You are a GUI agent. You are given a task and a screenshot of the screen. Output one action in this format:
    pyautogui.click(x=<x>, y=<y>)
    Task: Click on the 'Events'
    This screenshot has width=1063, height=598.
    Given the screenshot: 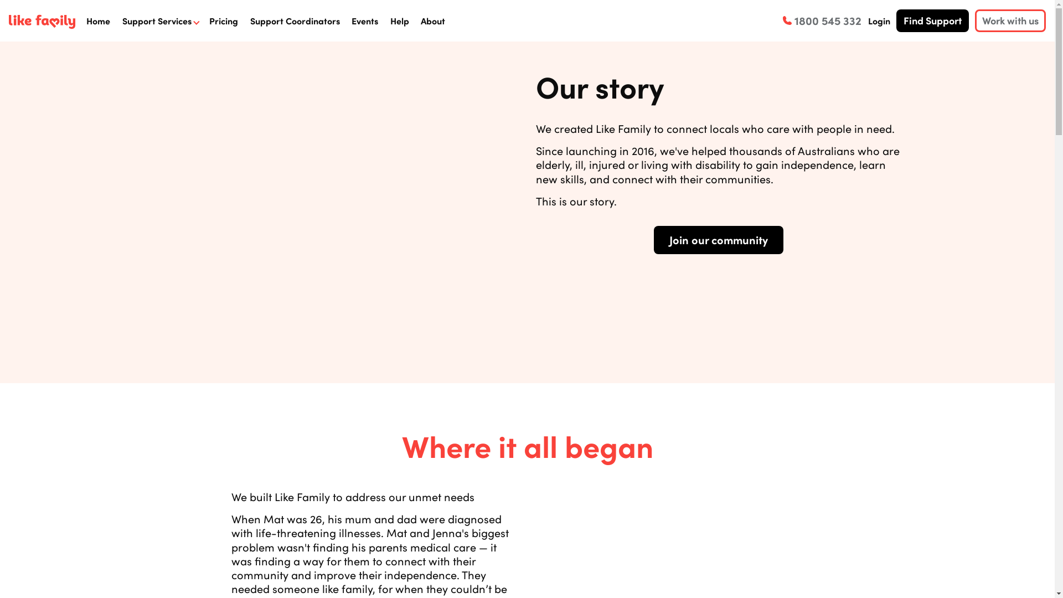 What is the action you would take?
    pyautogui.click(x=364, y=20)
    